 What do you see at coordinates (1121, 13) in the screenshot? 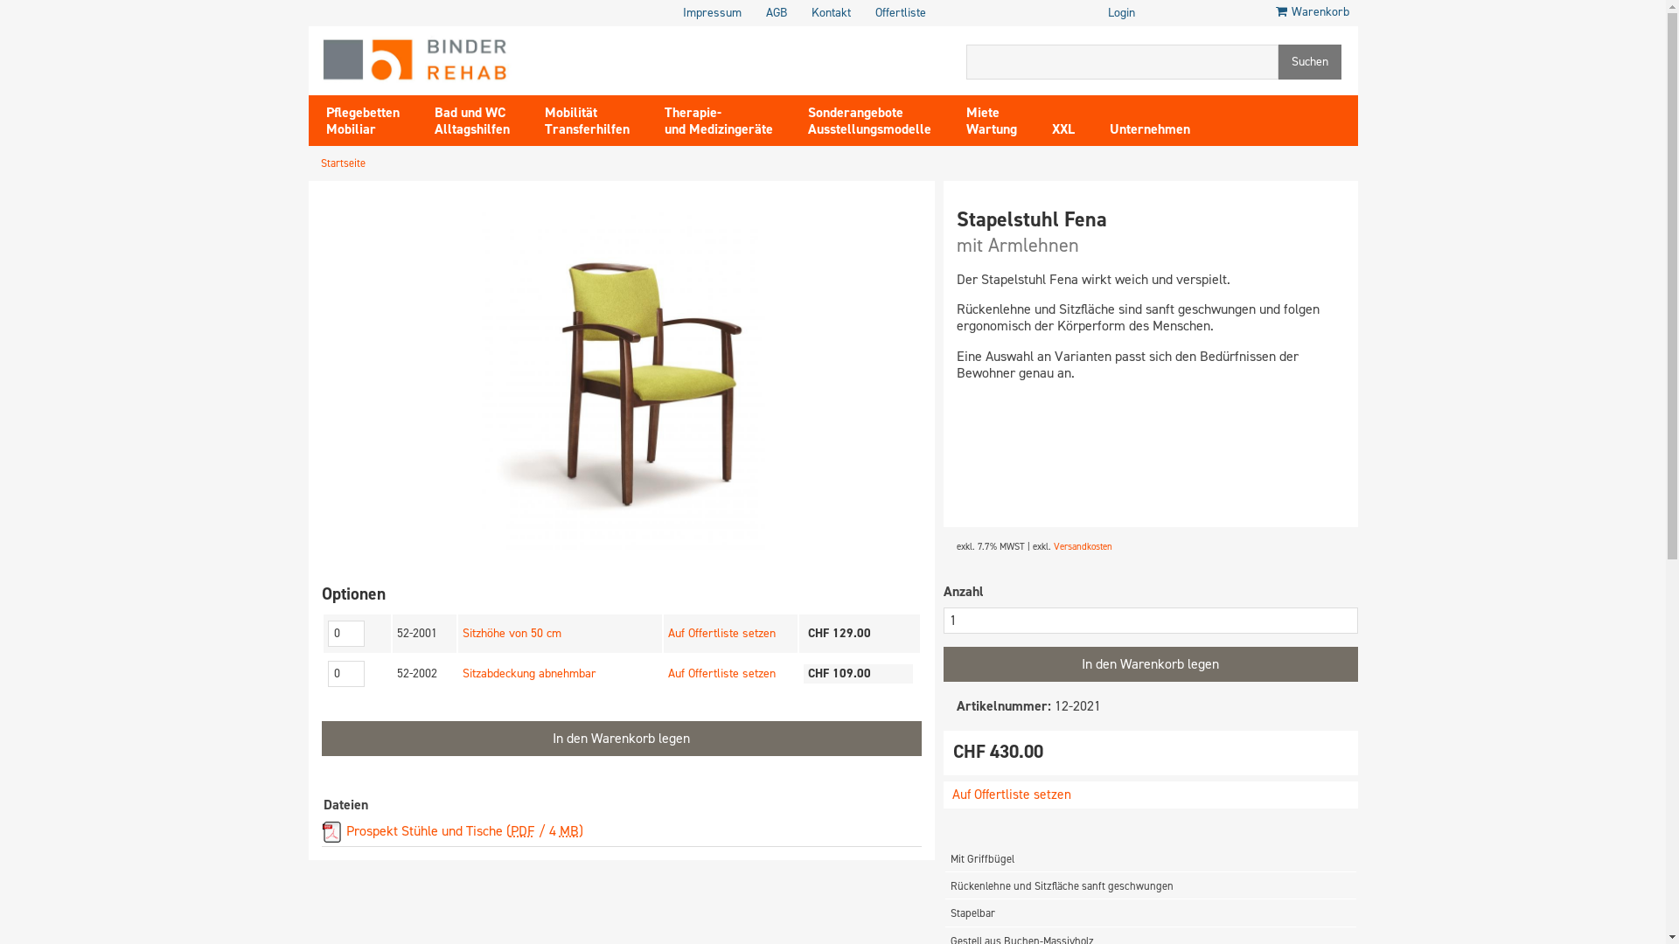
I see `'Login'` at bounding box center [1121, 13].